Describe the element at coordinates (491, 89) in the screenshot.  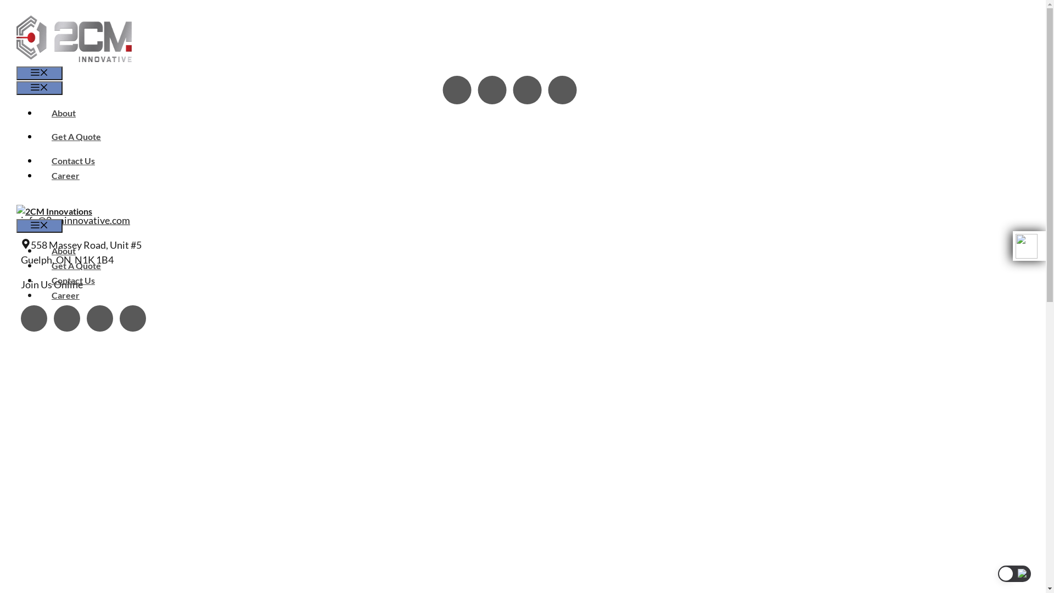
I see `'Facebook'` at that location.